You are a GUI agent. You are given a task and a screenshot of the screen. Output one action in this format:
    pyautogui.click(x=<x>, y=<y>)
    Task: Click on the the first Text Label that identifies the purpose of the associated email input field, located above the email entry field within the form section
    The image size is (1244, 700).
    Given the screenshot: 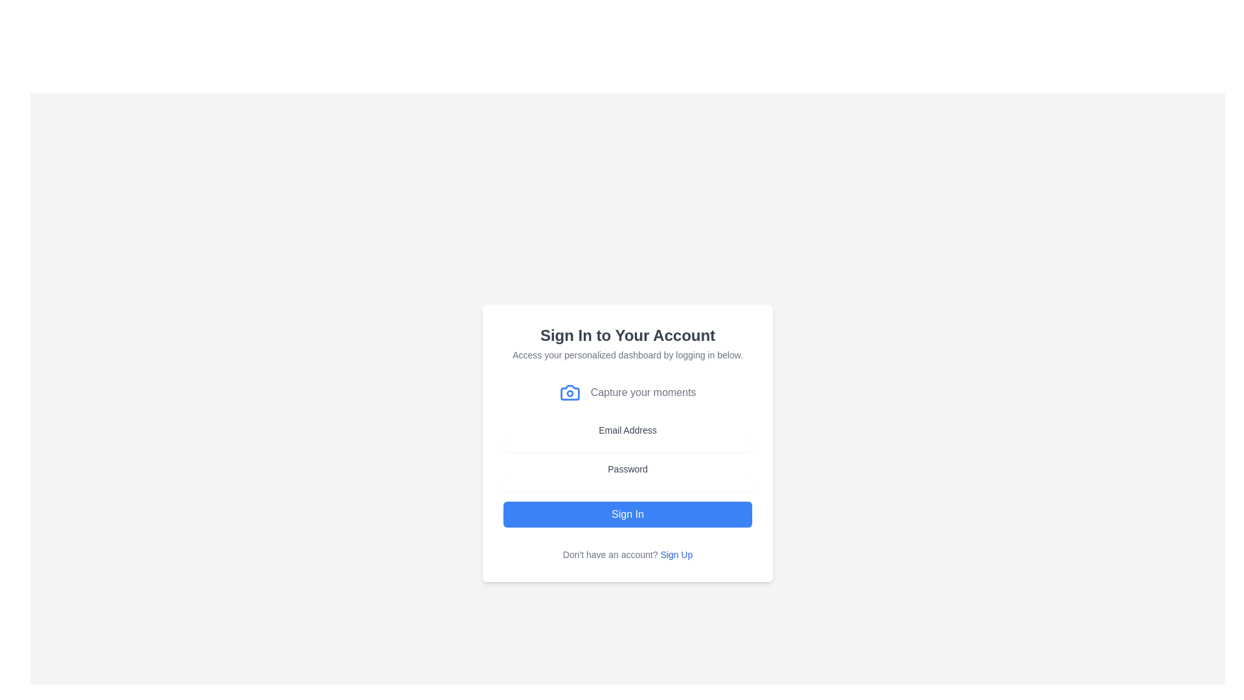 What is the action you would take?
    pyautogui.click(x=628, y=437)
    